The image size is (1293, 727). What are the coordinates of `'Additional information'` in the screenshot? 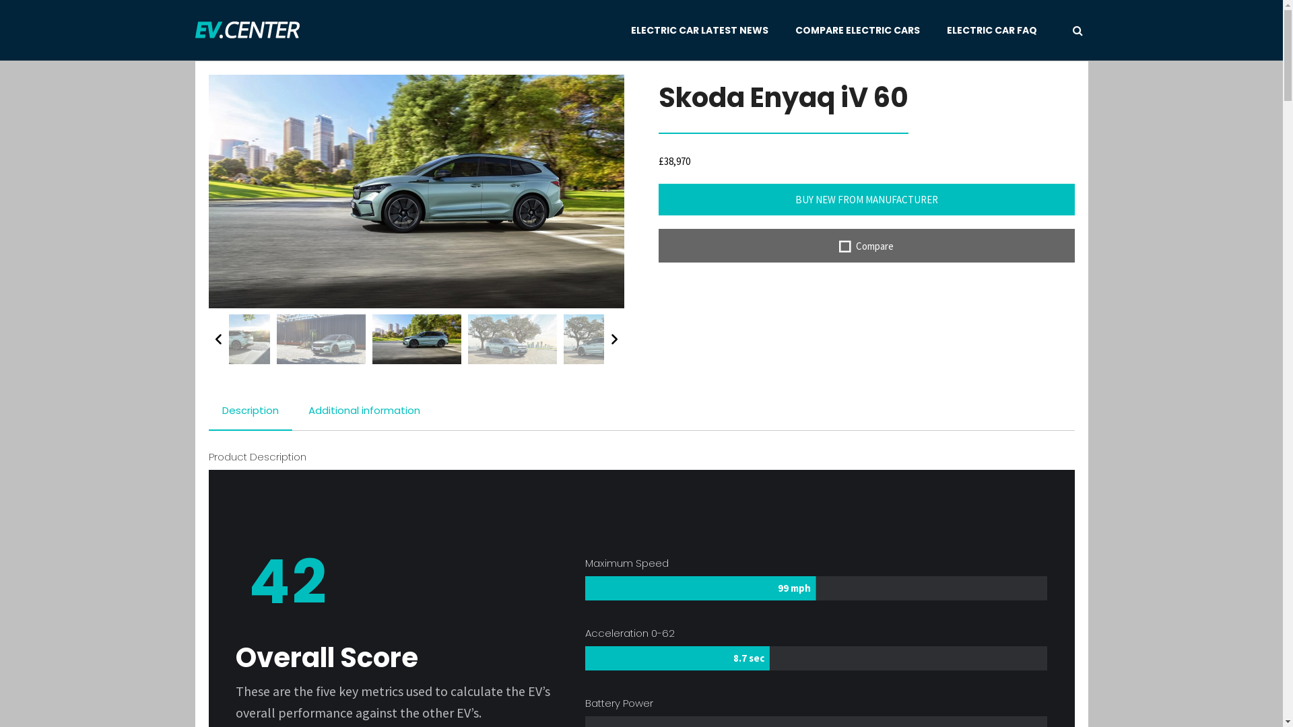 It's located at (364, 409).